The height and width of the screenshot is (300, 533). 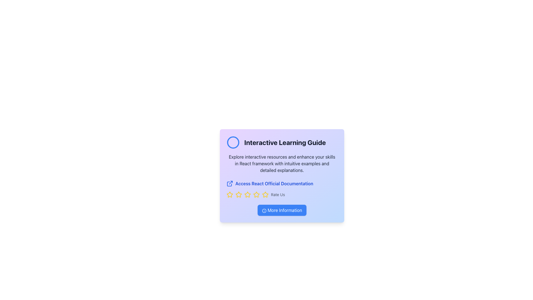 I want to click on the text block that provides a detailed description about interactive resources and skills enhancement in the React framework, which is centrally aligned and positioned below the title 'Interactive Learning Guide' and above the link 'Access React Official Documentation', so click(x=282, y=163).